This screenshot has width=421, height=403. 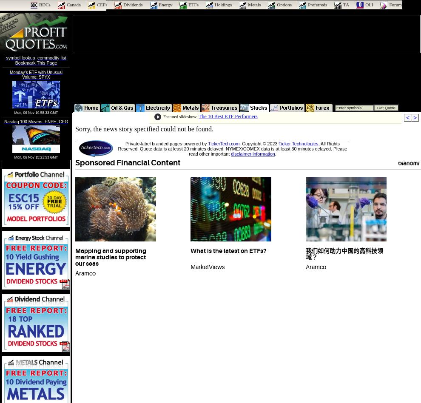 What do you see at coordinates (73, 4) in the screenshot?
I see `'Canada'` at bounding box center [73, 4].